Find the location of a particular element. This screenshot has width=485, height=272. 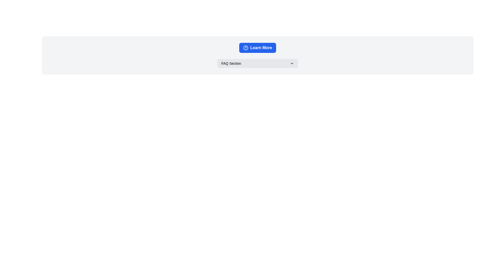

the downward-pointing chevron icon located to the right of the 'FAQ Section' label is located at coordinates (292, 63).